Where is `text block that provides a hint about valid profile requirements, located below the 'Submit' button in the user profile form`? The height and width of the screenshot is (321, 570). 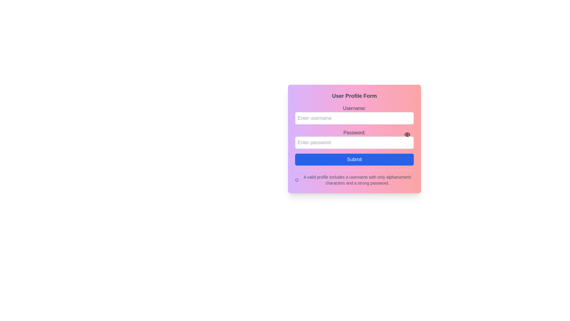
text block that provides a hint about valid profile requirements, located below the 'Submit' button in the user profile form is located at coordinates (354, 180).